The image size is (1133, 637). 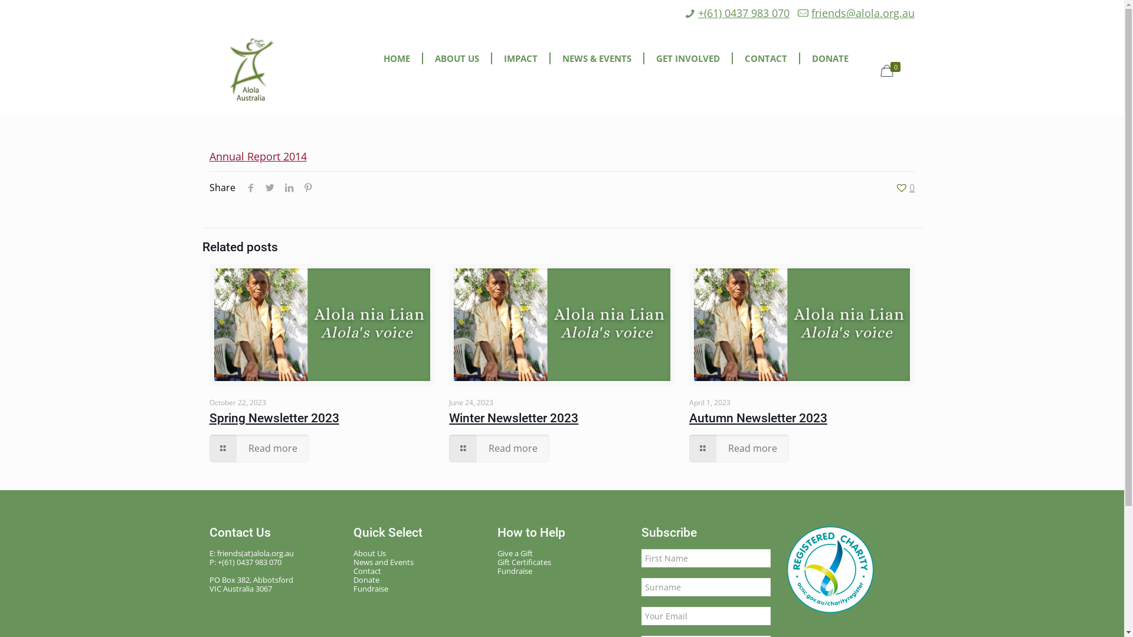 What do you see at coordinates (397, 58) in the screenshot?
I see `'HOME'` at bounding box center [397, 58].